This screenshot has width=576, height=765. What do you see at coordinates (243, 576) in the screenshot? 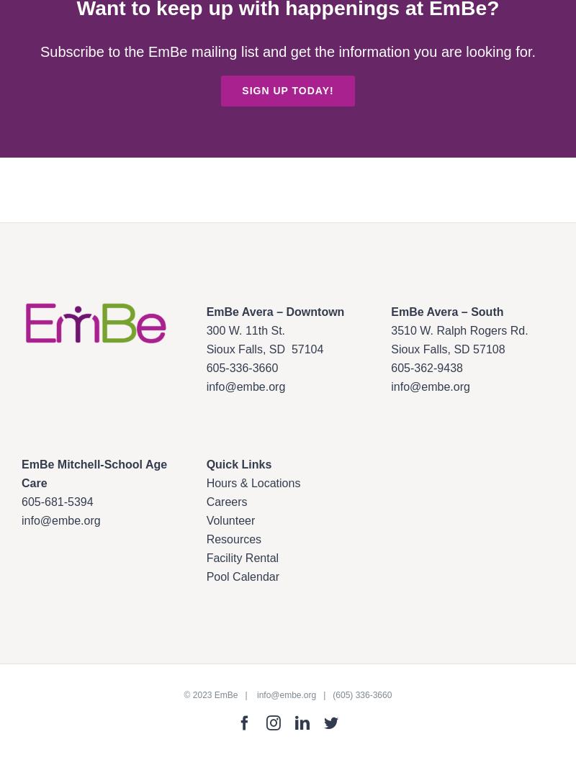
I see `'Pool Calendar'` at bounding box center [243, 576].